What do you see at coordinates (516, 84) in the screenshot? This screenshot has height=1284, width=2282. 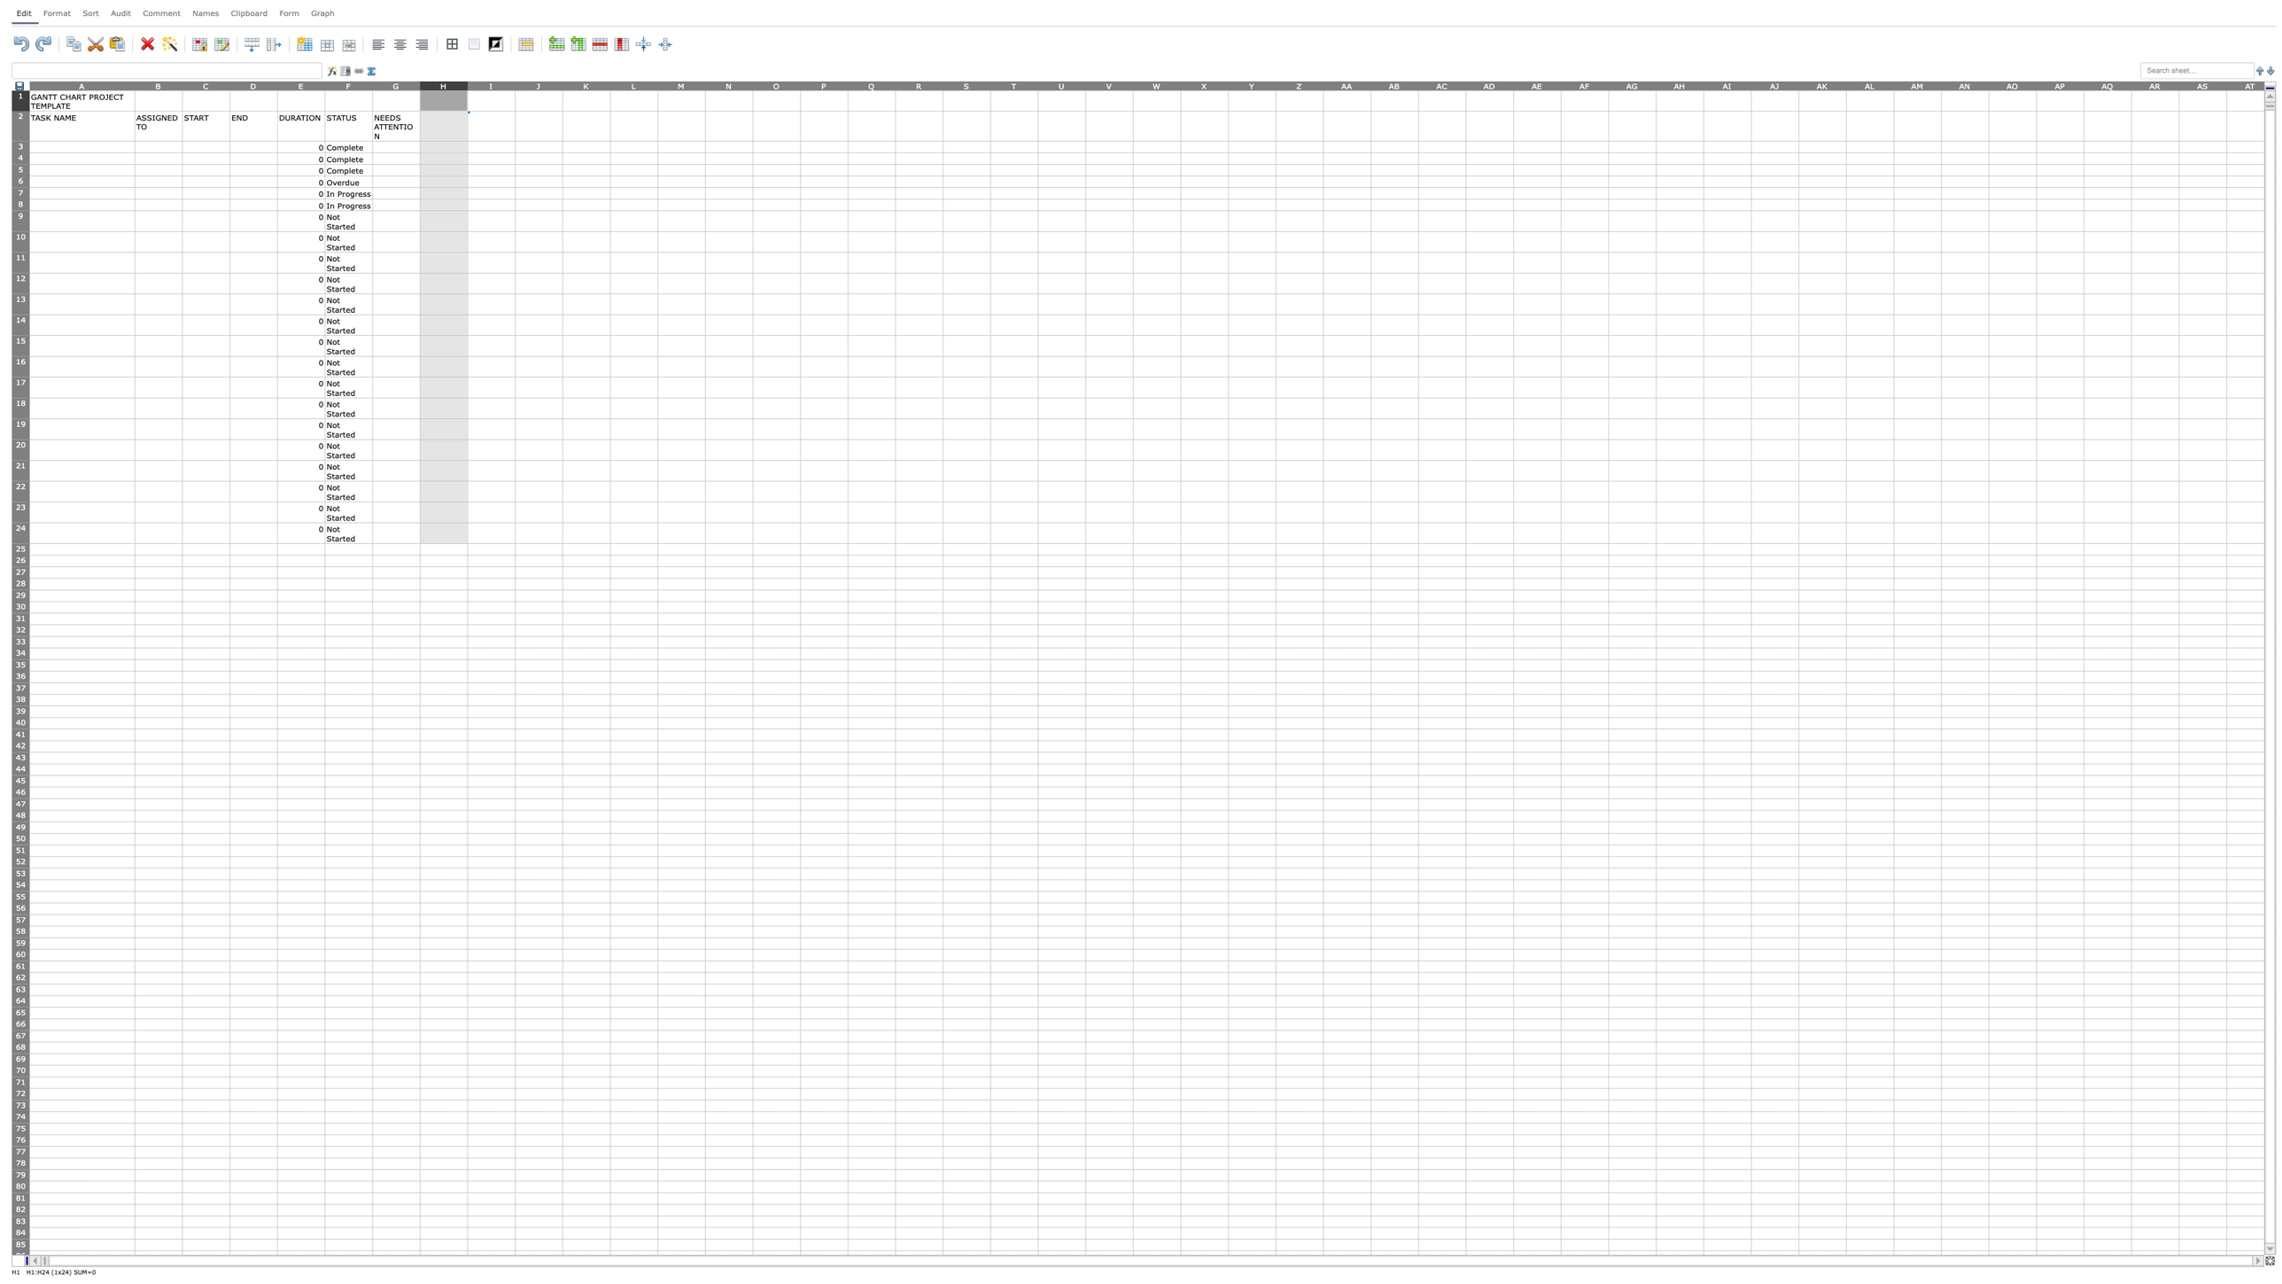 I see `Hover over column I's resize handle` at bounding box center [516, 84].